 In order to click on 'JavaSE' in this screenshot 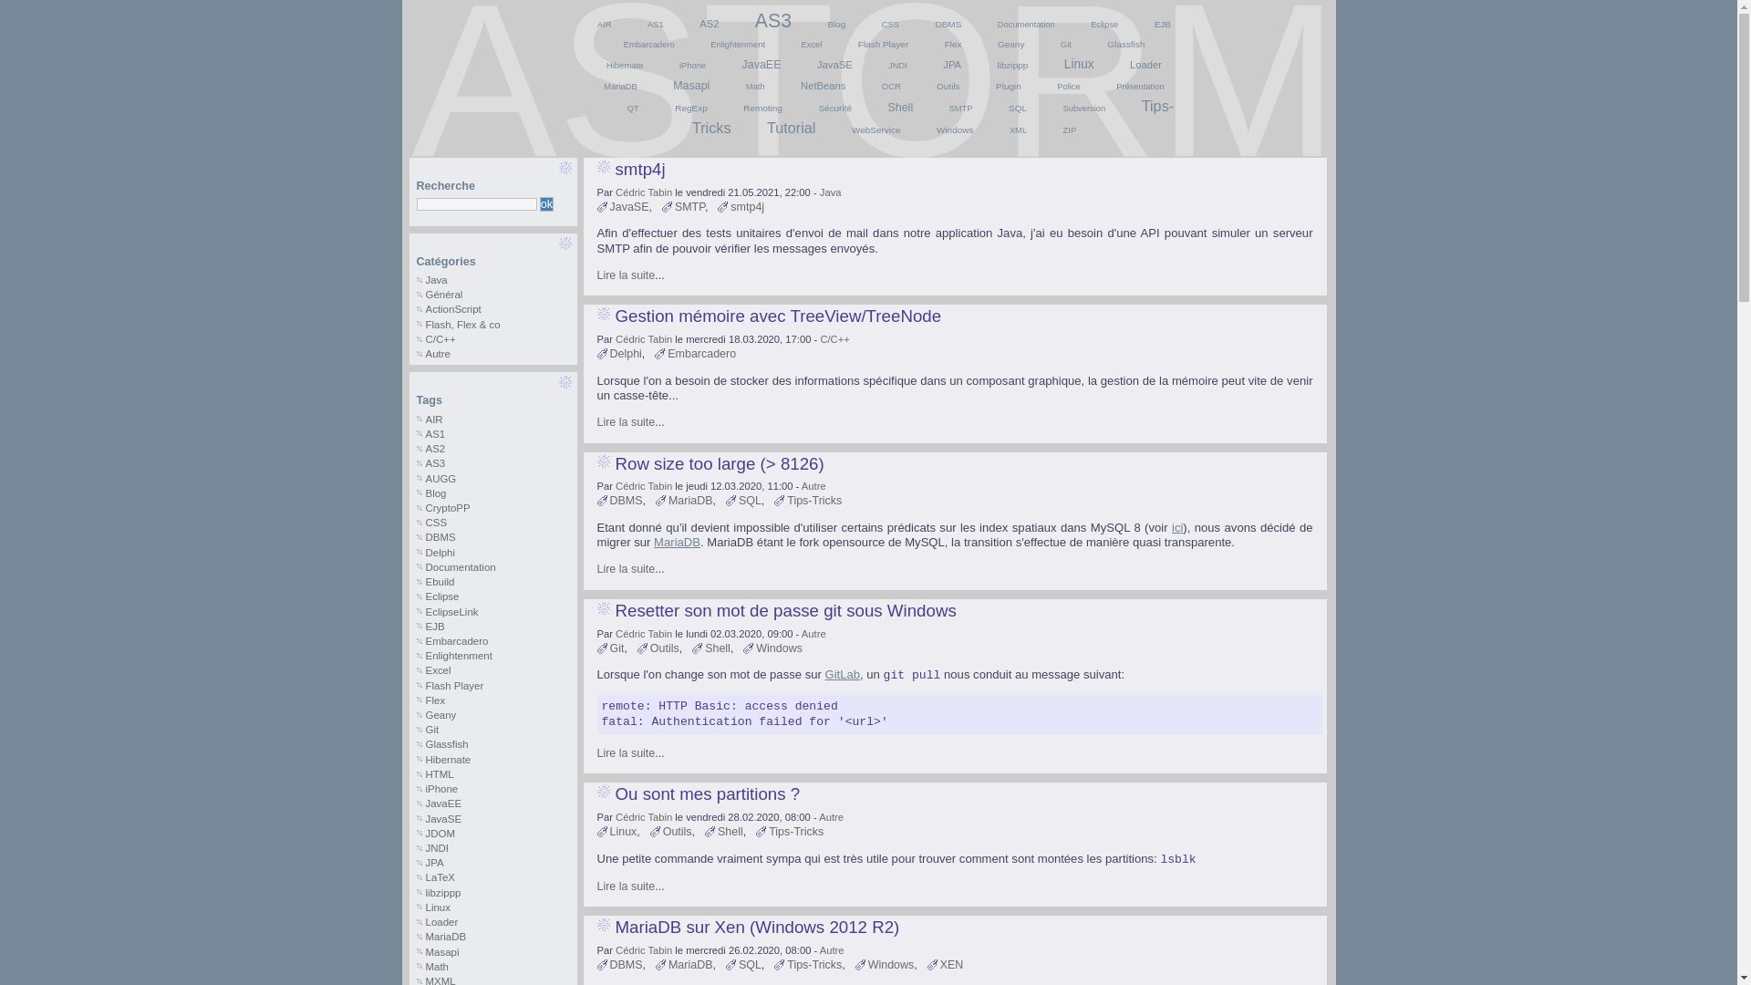, I will do `click(628, 206)`.